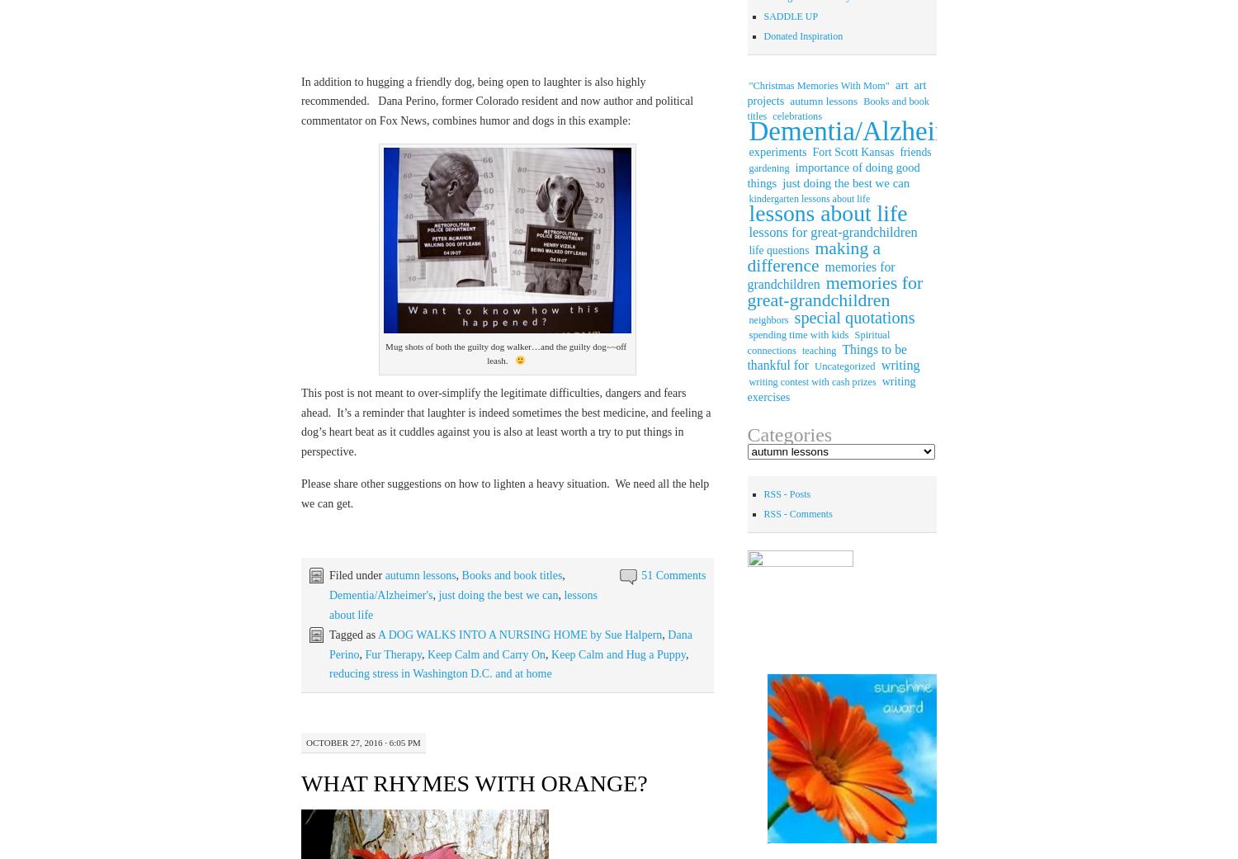 This screenshot has height=859, width=1238. What do you see at coordinates (796, 116) in the screenshot?
I see `'celebrations'` at bounding box center [796, 116].